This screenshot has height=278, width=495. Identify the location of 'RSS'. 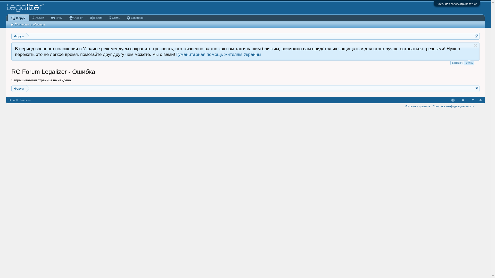
(480, 100).